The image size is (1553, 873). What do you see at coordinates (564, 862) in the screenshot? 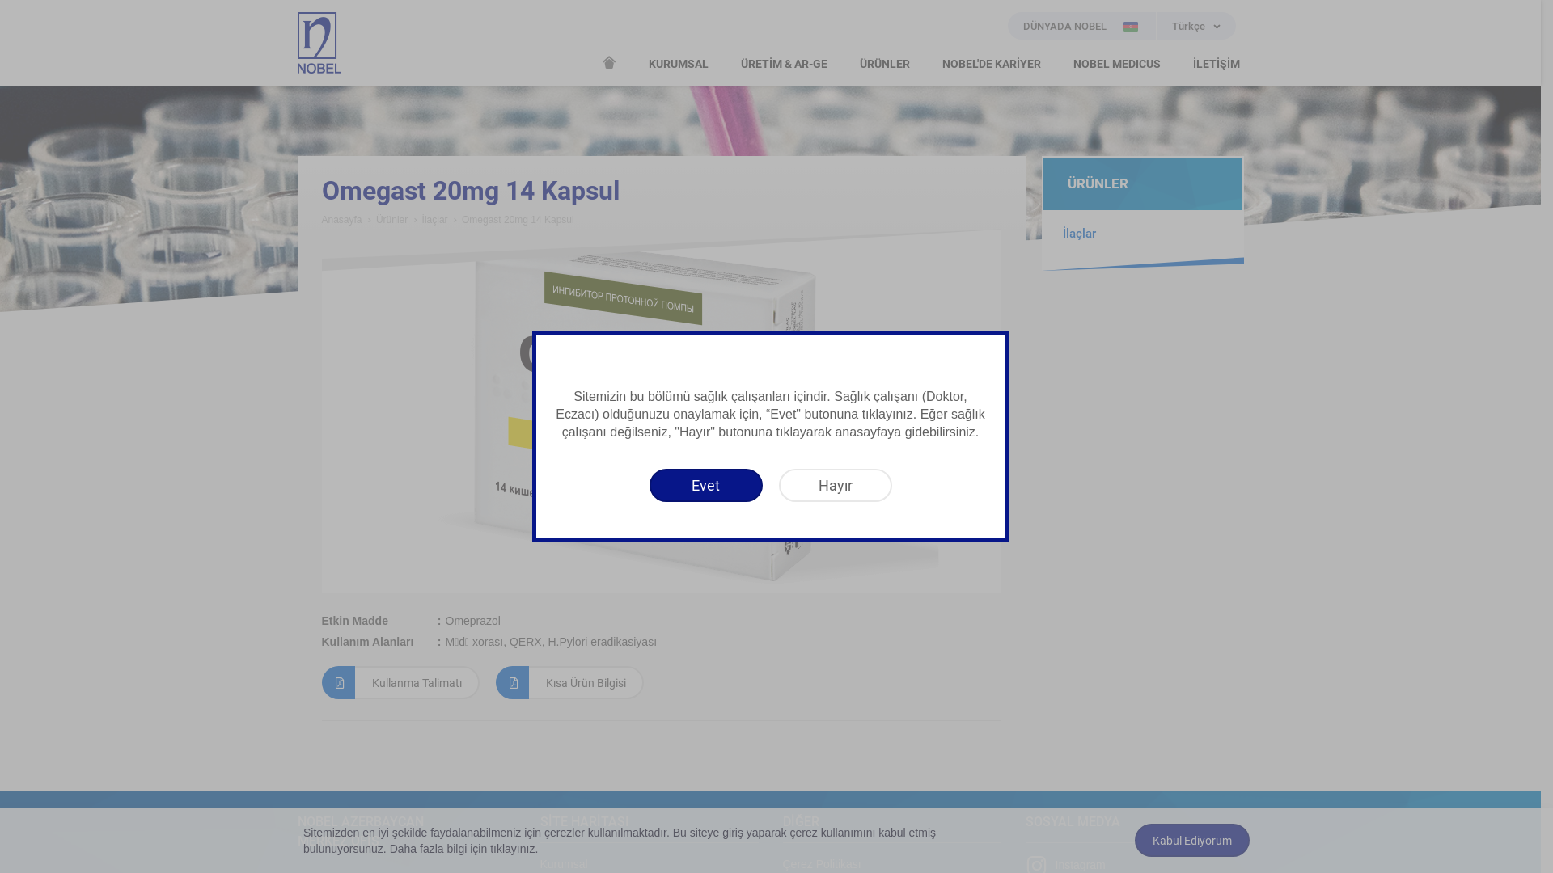
I see `'Kurumsal'` at bounding box center [564, 862].